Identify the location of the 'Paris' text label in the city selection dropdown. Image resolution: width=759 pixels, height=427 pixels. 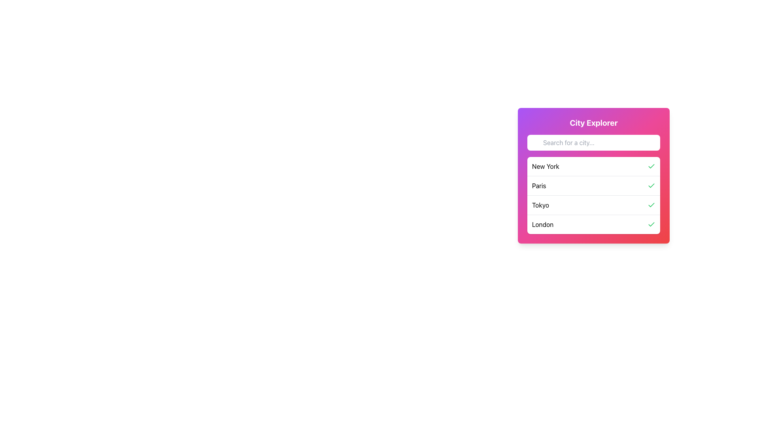
(538, 186).